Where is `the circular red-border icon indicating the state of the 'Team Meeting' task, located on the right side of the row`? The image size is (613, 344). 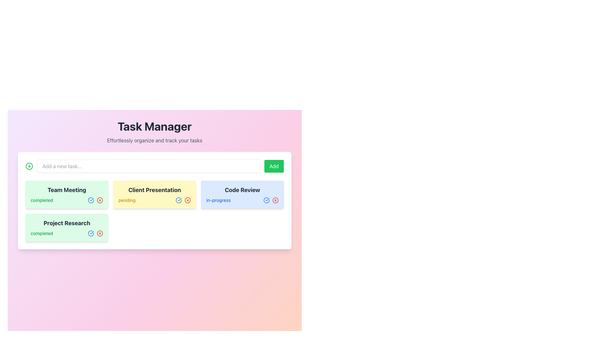 the circular red-border icon indicating the state of the 'Team Meeting' task, located on the right side of the row is located at coordinates (99, 200).